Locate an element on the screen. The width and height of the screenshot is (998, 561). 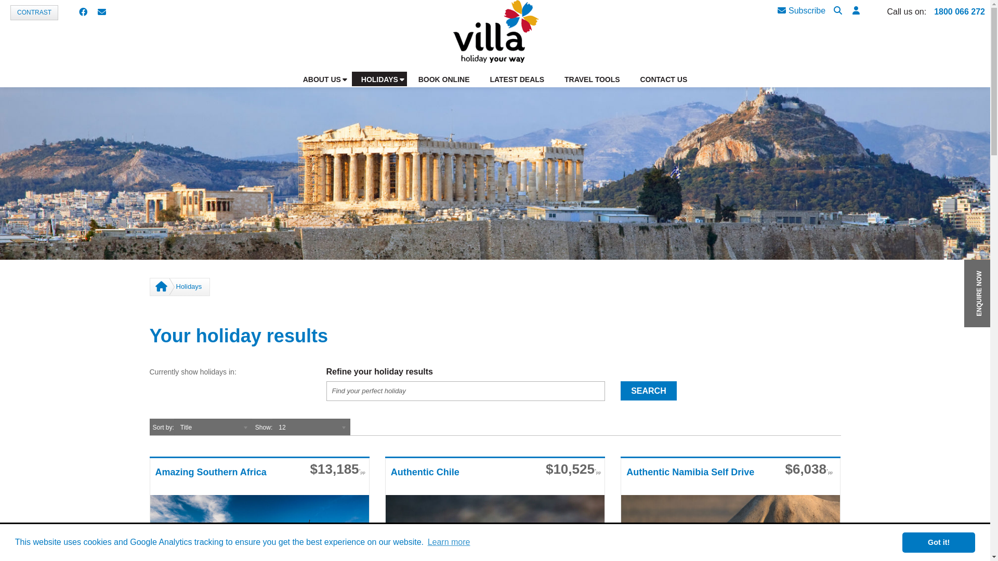
'ABOUT US' is located at coordinates (321, 78).